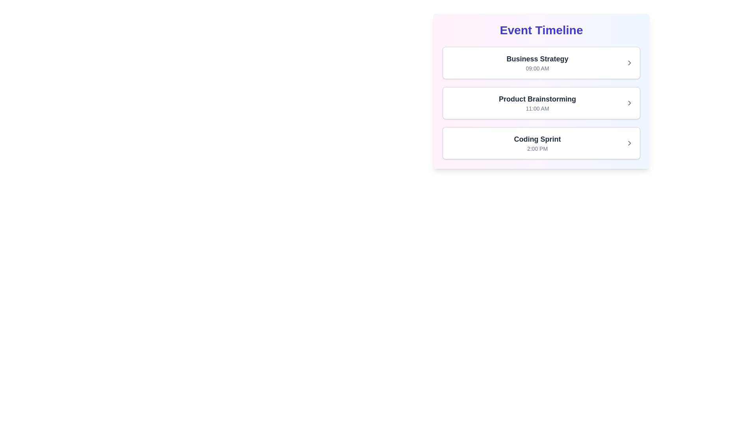 The height and width of the screenshot is (425, 756). What do you see at coordinates (541, 143) in the screenshot?
I see `the interactive list item representing the event 'Coding Sprint' scheduled for '2:00 PM'` at bounding box center [541, 143].